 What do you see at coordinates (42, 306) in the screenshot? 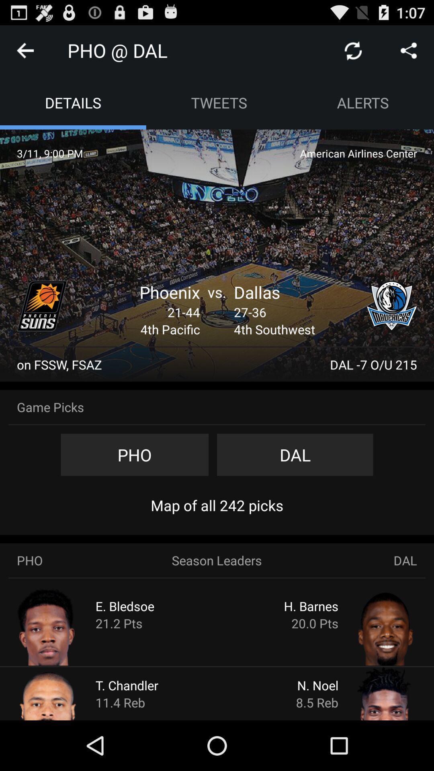
I see `team` at bounding box center [42, 306].